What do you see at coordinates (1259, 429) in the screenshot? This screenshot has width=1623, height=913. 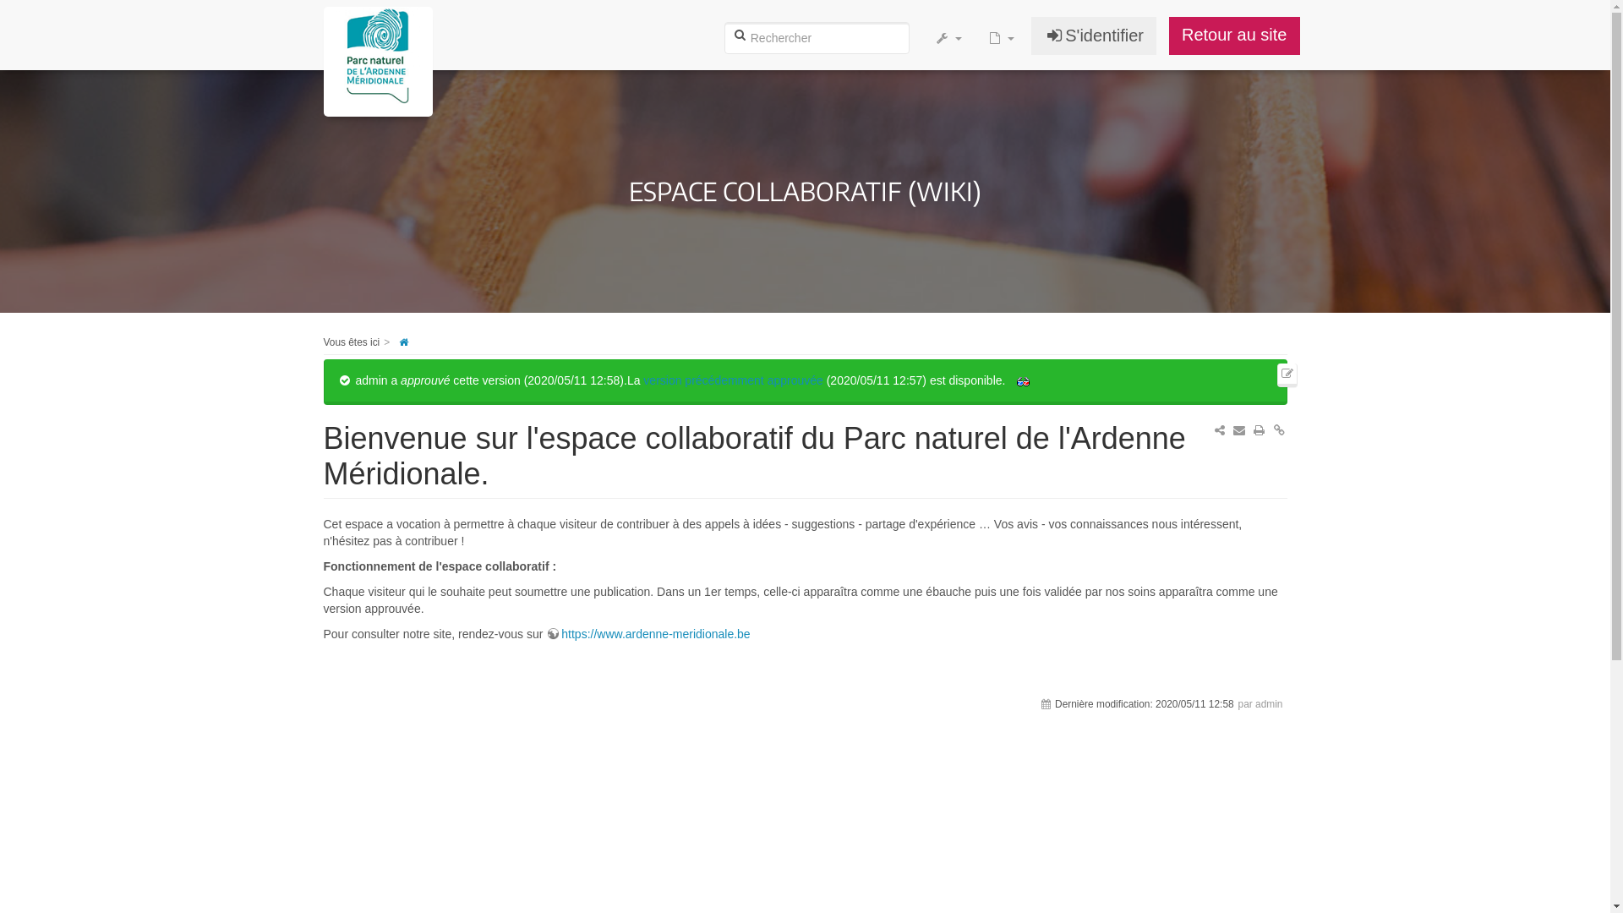 I see `'Imprimer'` at bounding box center [1259, 429].